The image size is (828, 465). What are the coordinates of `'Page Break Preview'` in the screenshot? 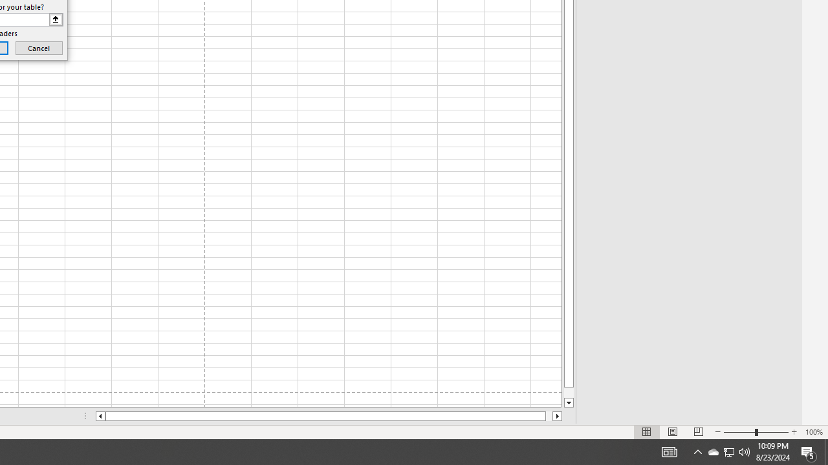 It's located at (697, 432).